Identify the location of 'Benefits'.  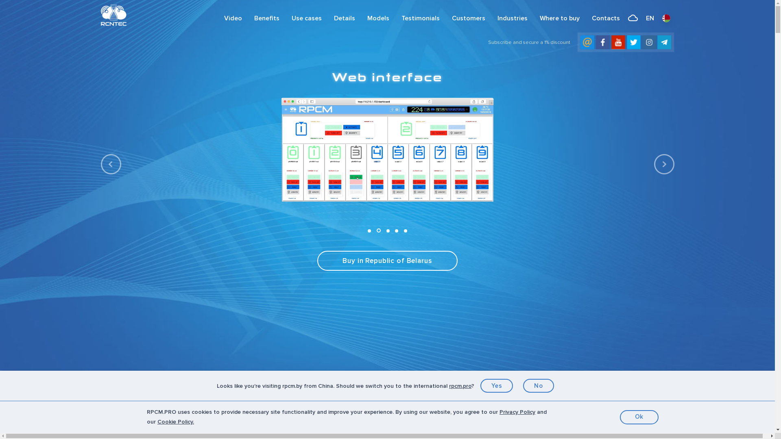
(247, 18).